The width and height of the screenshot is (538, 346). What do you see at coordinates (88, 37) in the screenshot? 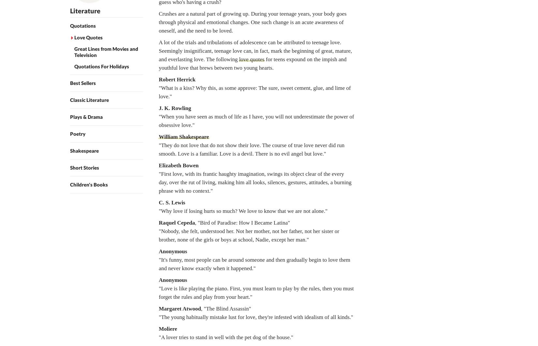
I see `'Love Quotes'` at bounding box center [88, 37].